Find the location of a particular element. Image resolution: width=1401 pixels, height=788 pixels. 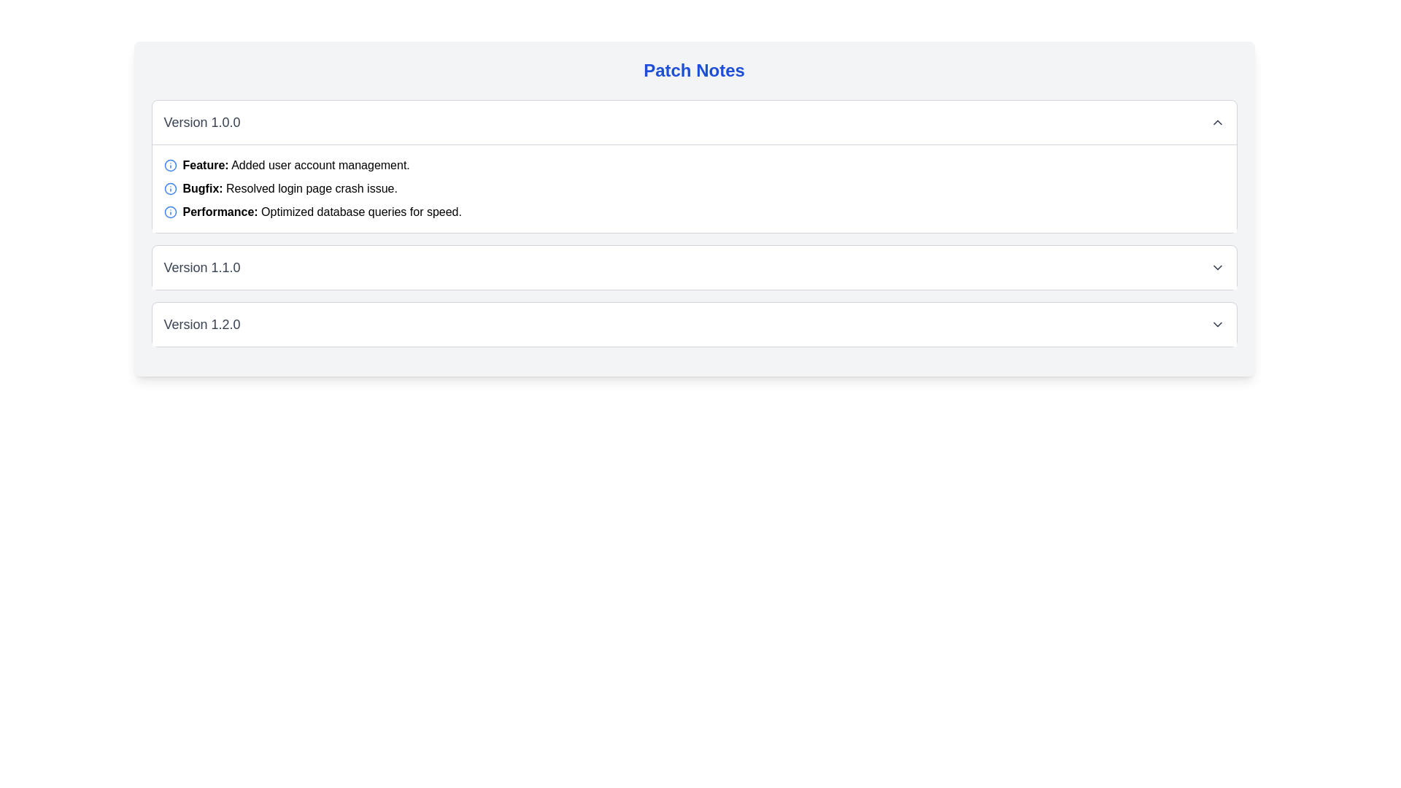

the informational icon that indicates a Bugfix, which is located to the far left of the text 'Bugfix: Resolved login page crash issue.' in the second row of the list under 'Version 1.0.0.' is located at coordinates (170, 188).